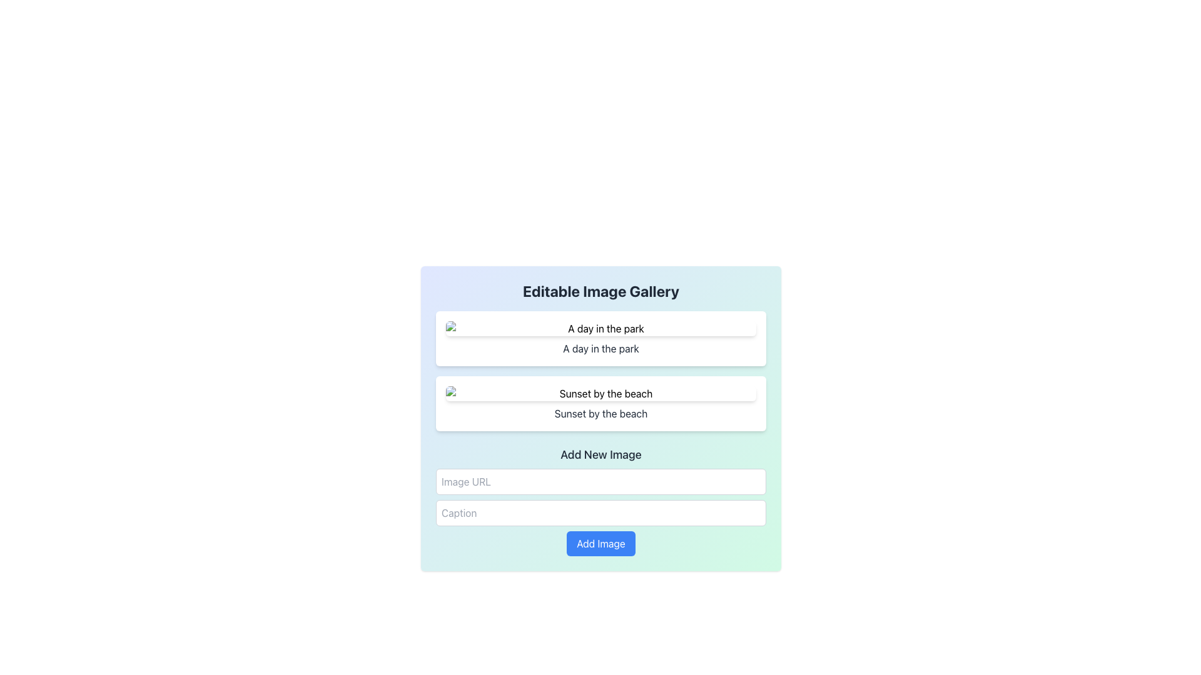  Describe the element at coordinates (600, 543) in the screenshot. I see `the 'Add Image' button, which is a rectangular button with a blue background and white text, located at the bottom of the 'Add New Image' section` at that location.